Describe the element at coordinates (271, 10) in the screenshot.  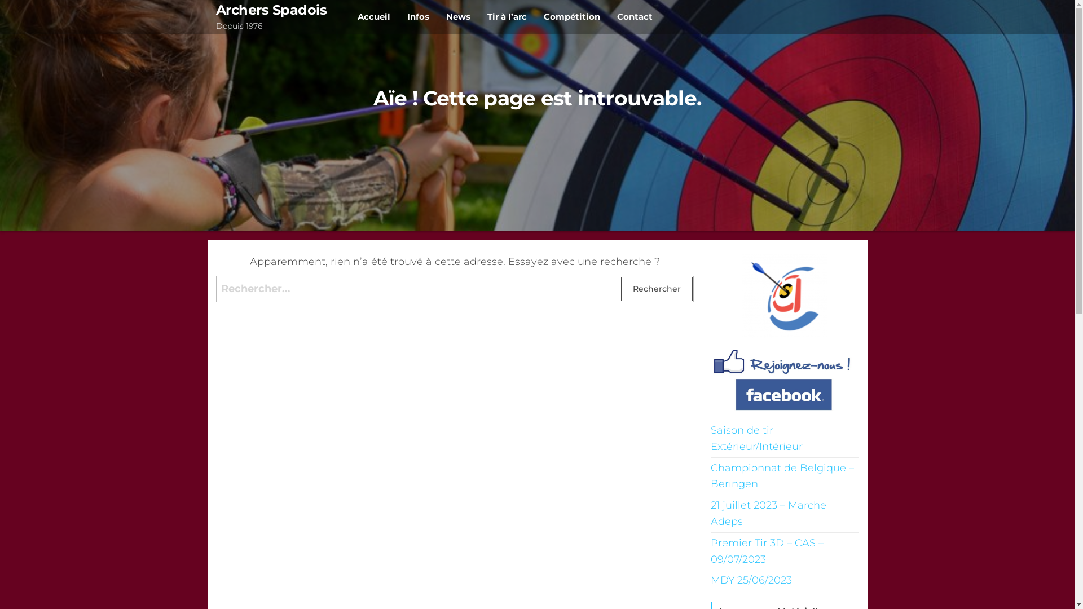
I see `'Archers Spadois'` at that location.